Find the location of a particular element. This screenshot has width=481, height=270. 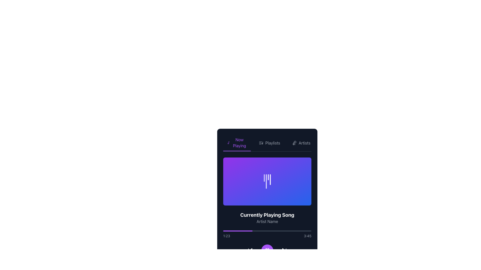

the 'Skip Forward' icon button, which features a right-pointing triangle and vertical line is located at coordinates (284, 250).